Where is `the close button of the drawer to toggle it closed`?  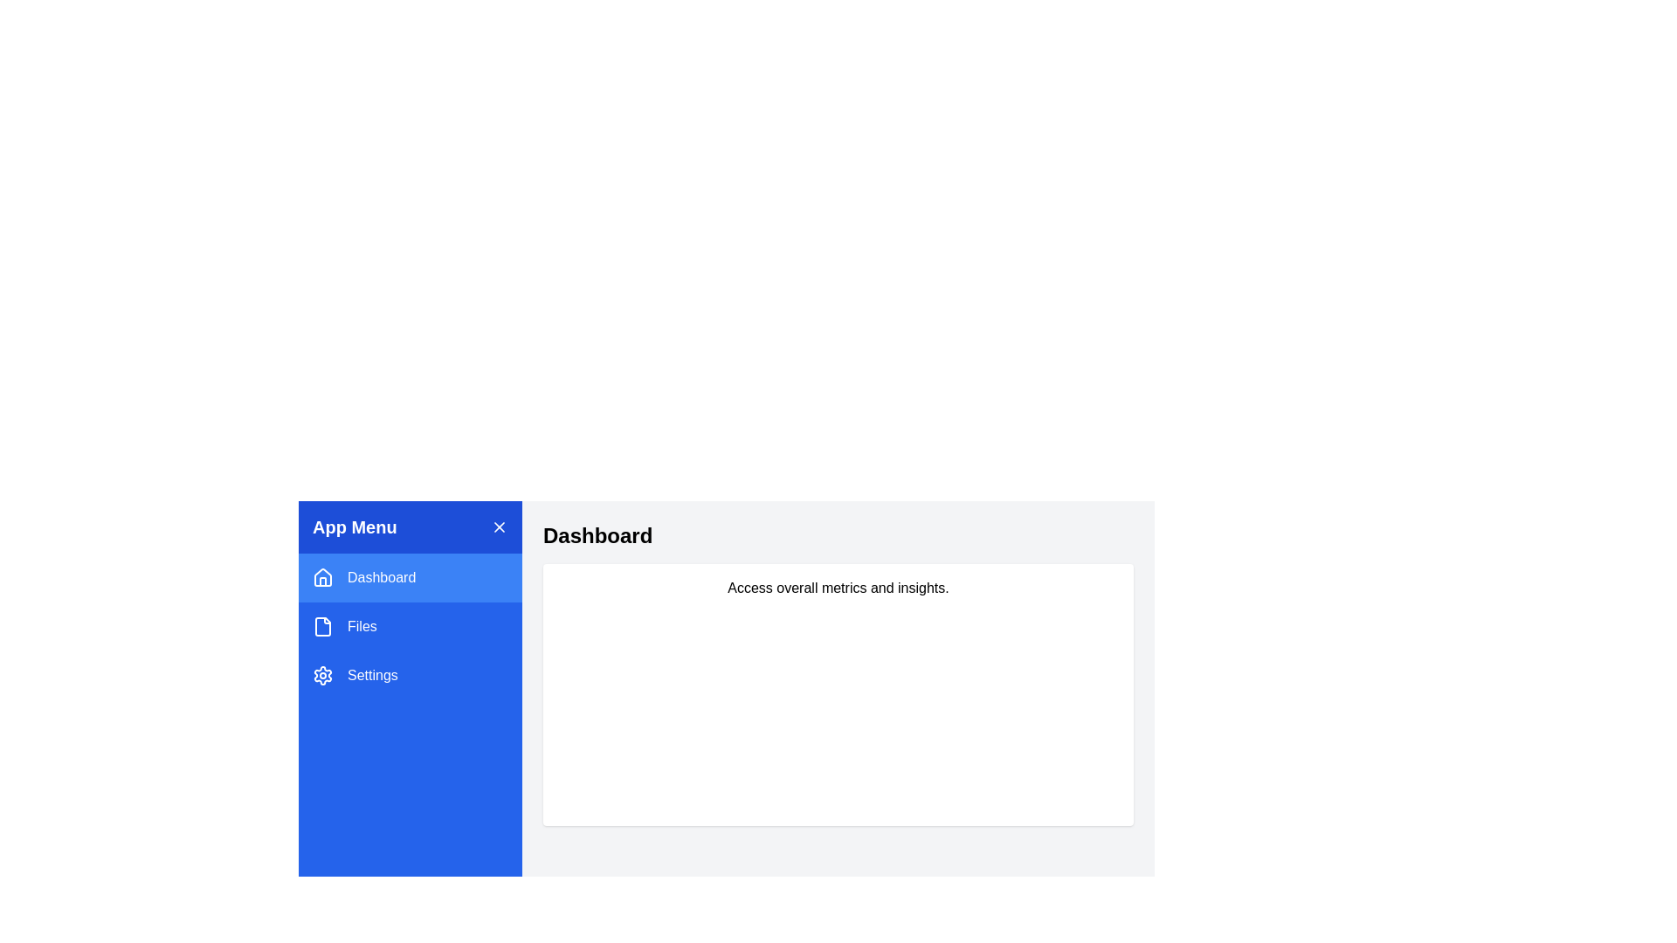 the close button of the drawer to toggle it closed is located at coordinates (498, 527).